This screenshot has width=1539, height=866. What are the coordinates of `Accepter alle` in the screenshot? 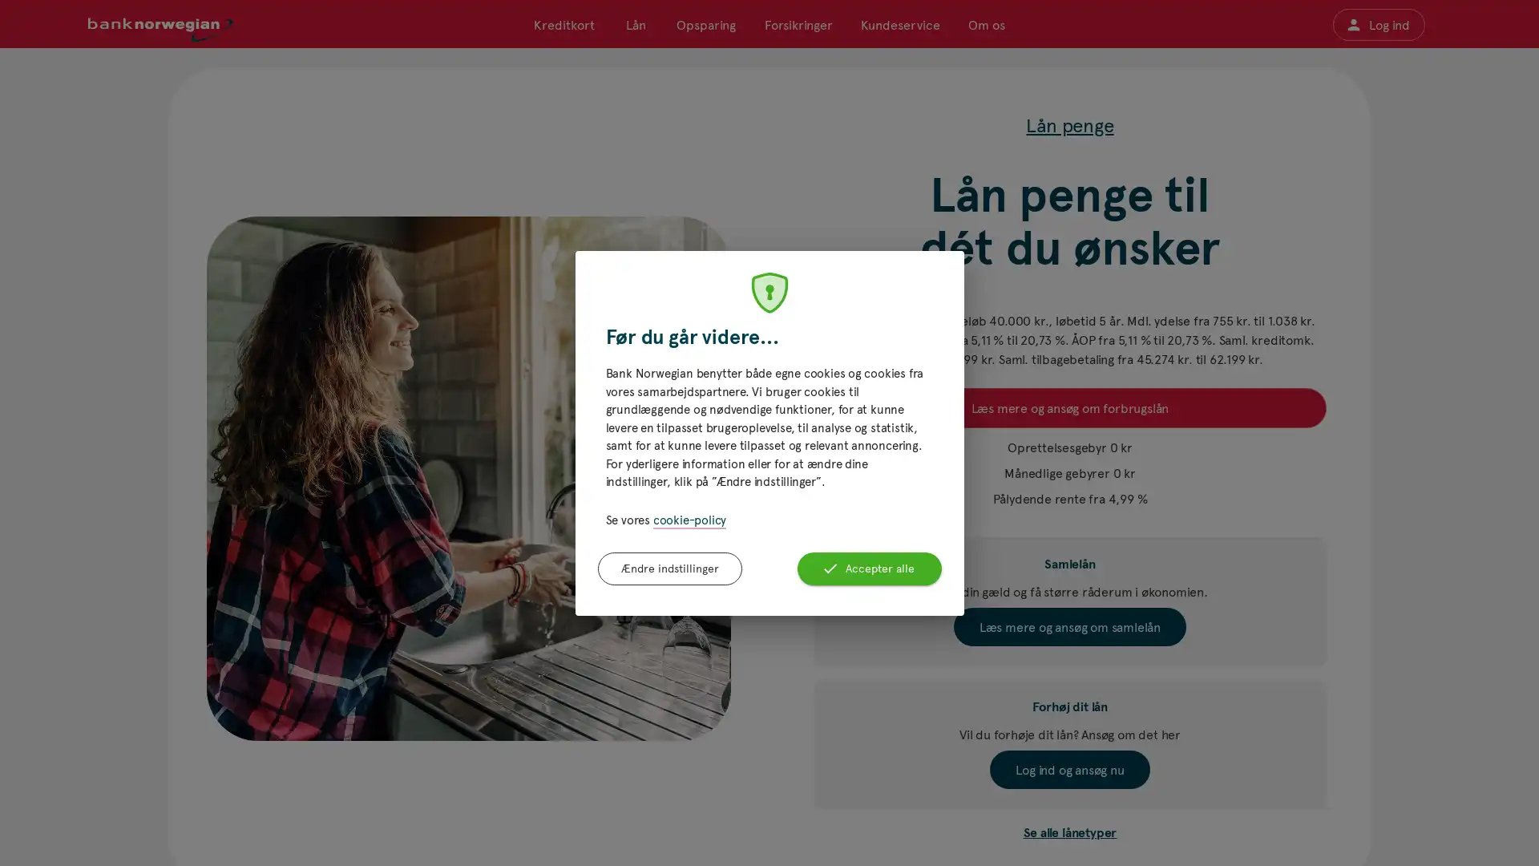 It's located at (868, 568).